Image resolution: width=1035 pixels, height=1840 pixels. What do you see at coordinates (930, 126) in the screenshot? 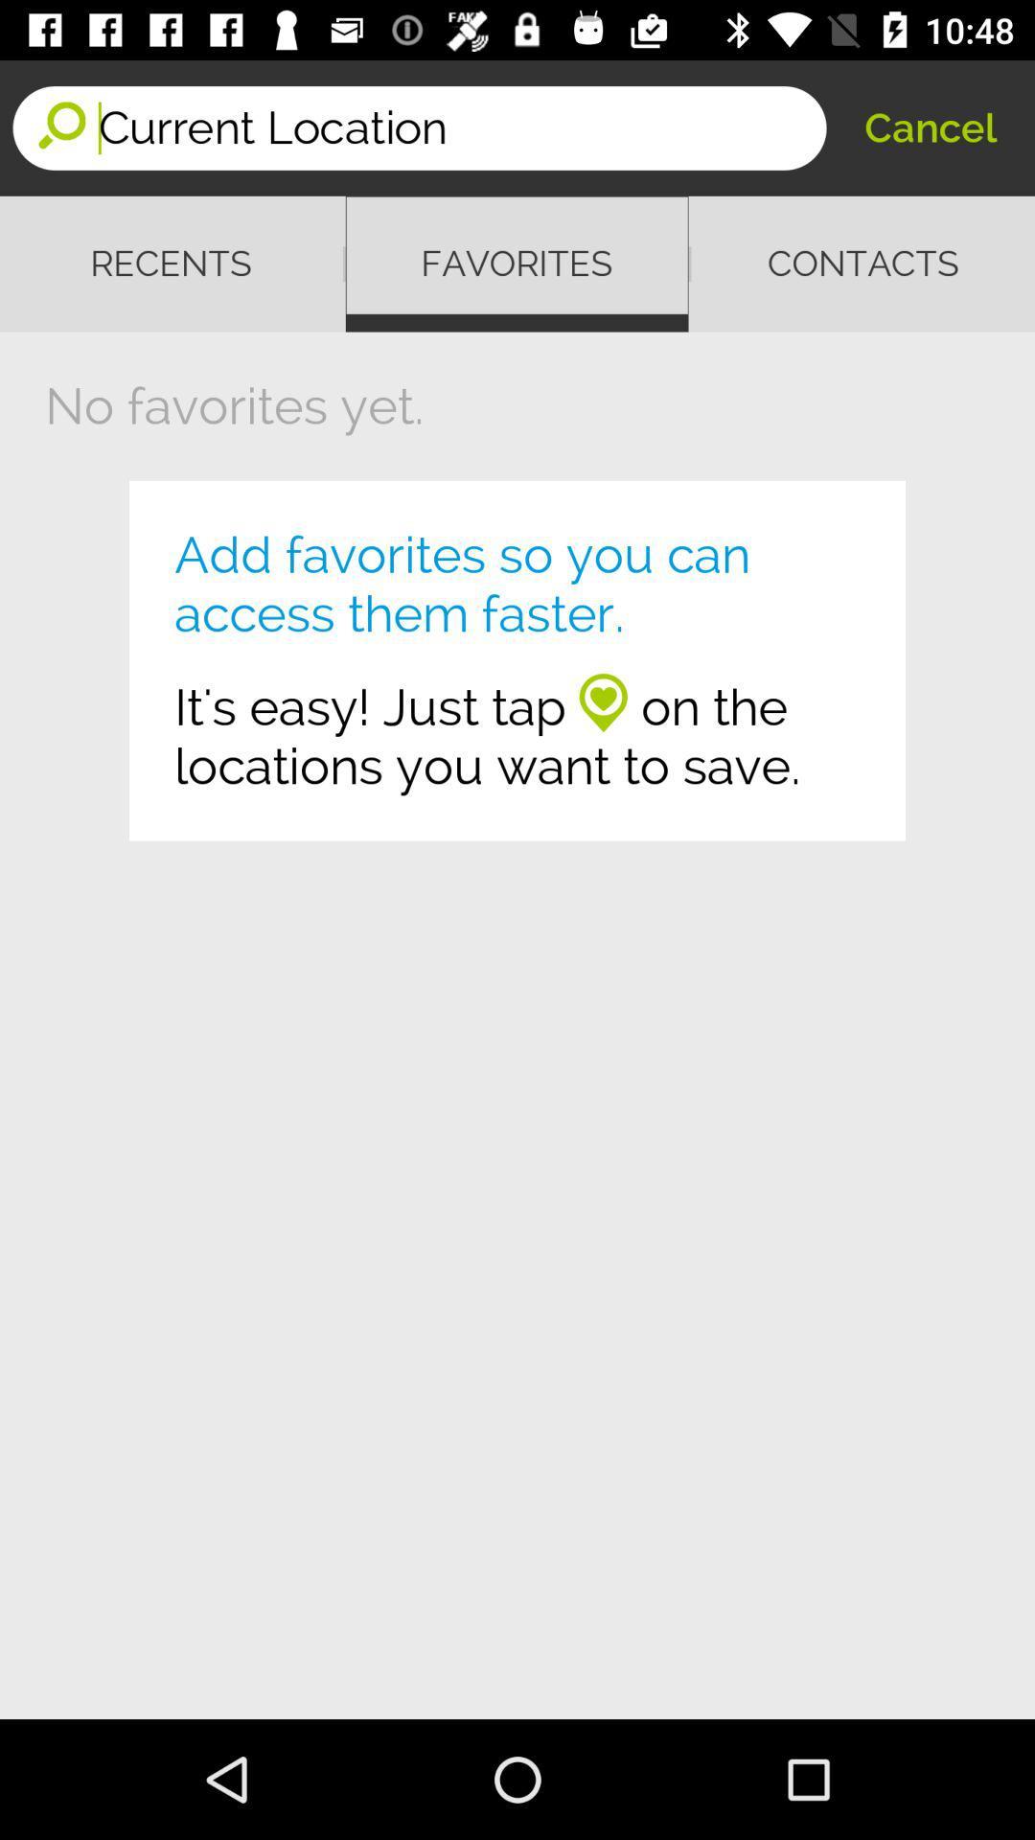
I see `the icon above the contacts icon` at bounding box center [930, 126].